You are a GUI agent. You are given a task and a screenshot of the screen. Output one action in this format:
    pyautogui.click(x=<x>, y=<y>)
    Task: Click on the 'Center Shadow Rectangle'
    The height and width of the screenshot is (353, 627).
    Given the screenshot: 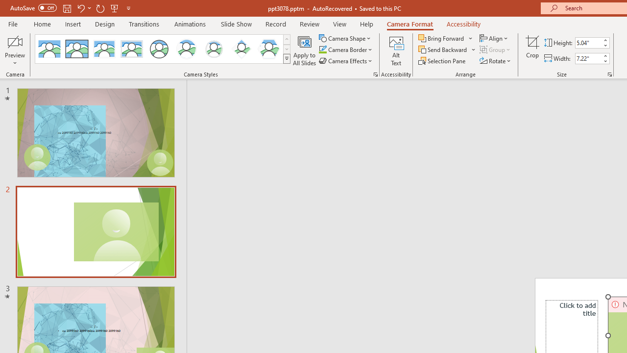 What is the action you would take?
    pyautogui.click(x=104, y=49)
    